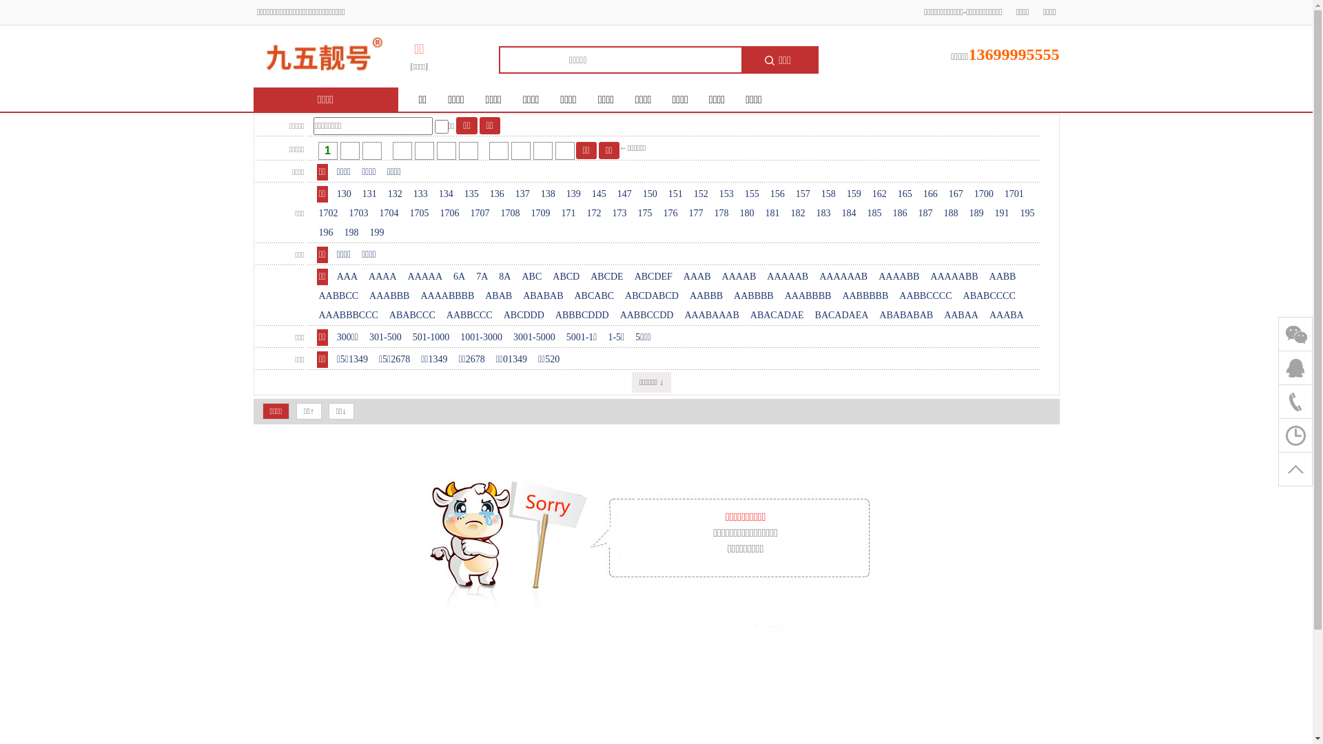 This screenshot has height=744, width=1323. Describe the element at coordinates (610, 213) in the screenshot. I see `'173'` at that location.